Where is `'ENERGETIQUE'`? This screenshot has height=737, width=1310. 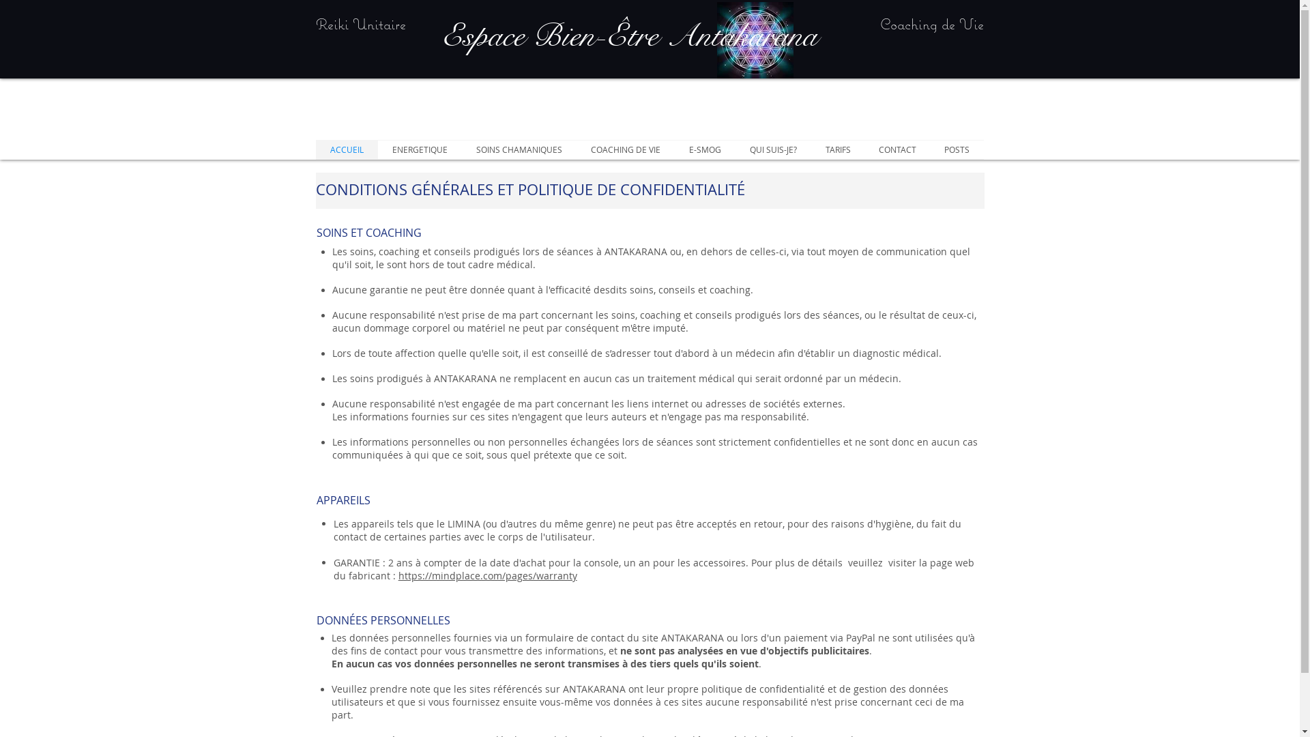 'ENERGETIQUE' is located at coordinates (419, 149).